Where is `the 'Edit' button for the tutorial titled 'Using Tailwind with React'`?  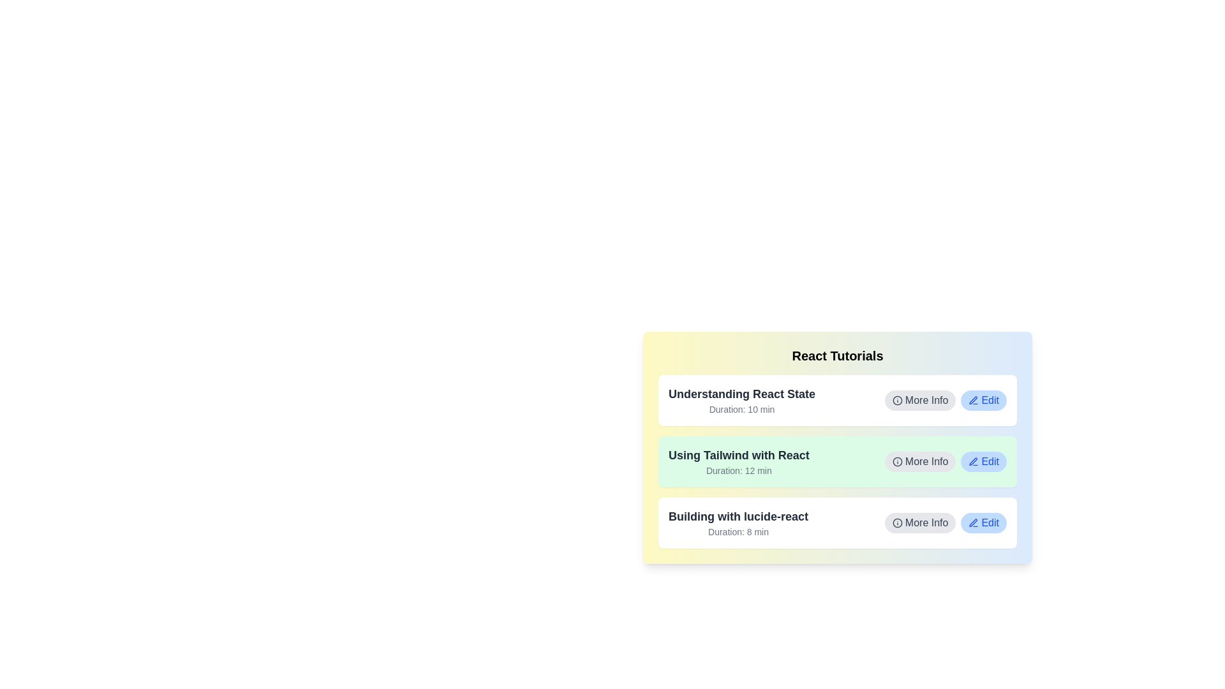
the 'Edit' button for the tutorial titled 'Using Tailwind with React' is located at coordinates (983, 462).